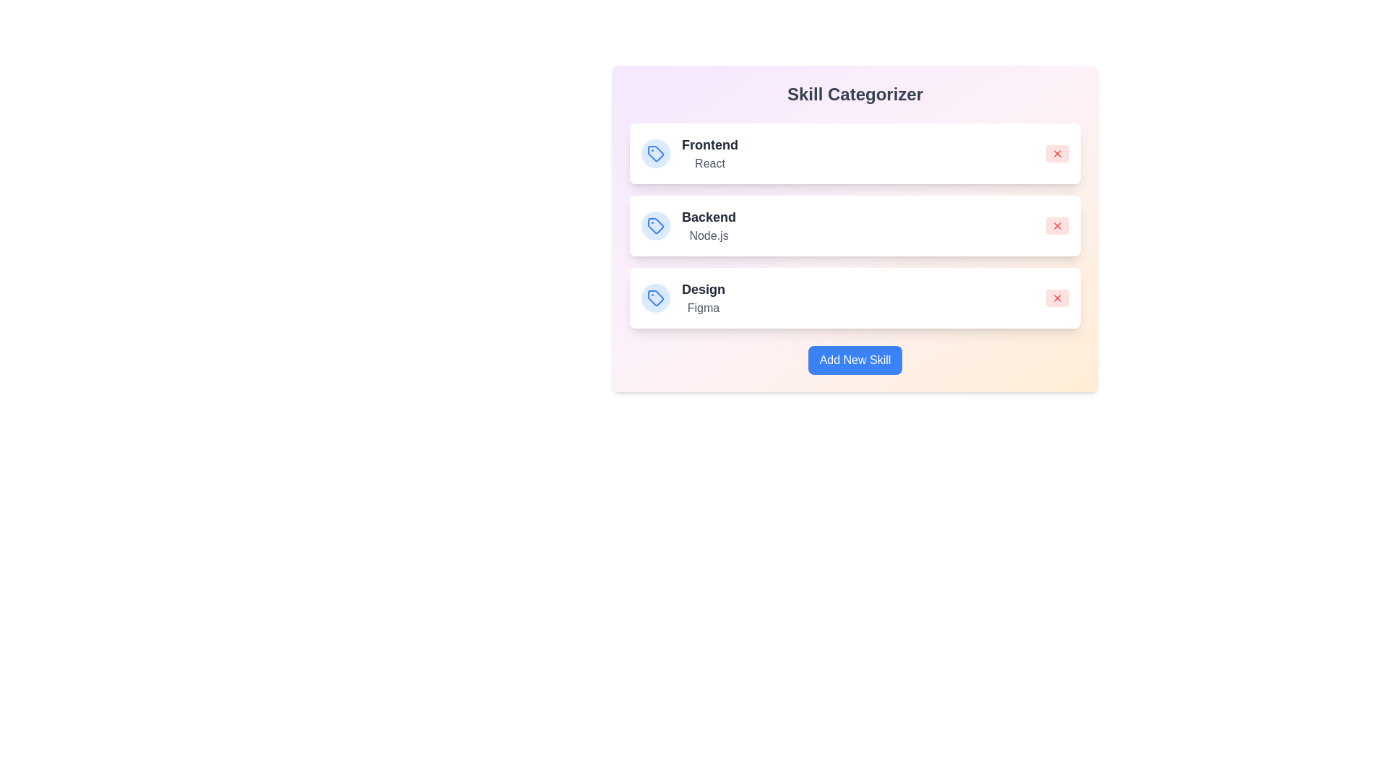  What do you see at coordinates (1058, 225) in the screenshot?
I see `'X' button to remove the skill associated with Backend` at bounding box center [1058, 225].